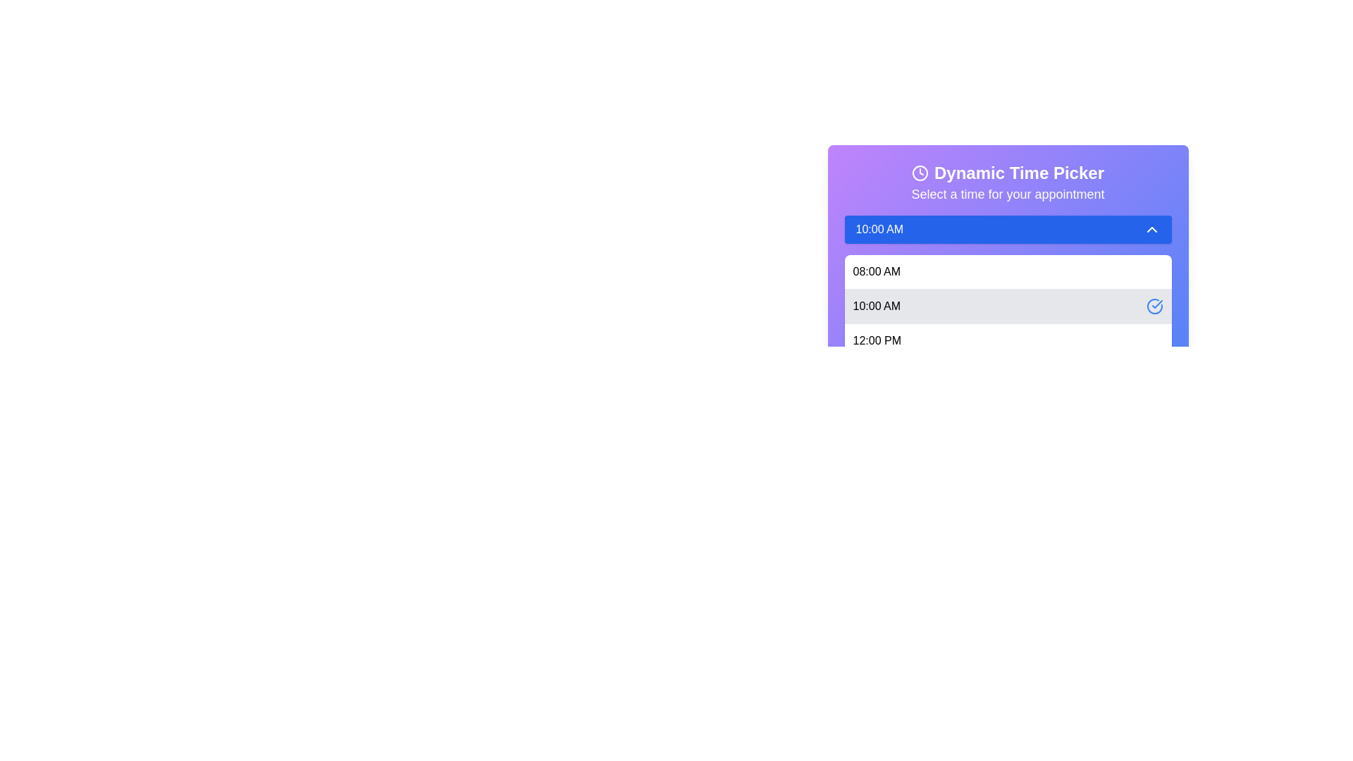 This screenshot has height=761, width=1353. What do you see at coordinates (1007, 340) in the screenshot?
I see `the third time slot in the dropdown list of the time picker, which displays '12:00 PM' in bold black font on a white background` at bounding box center [1007, 340].